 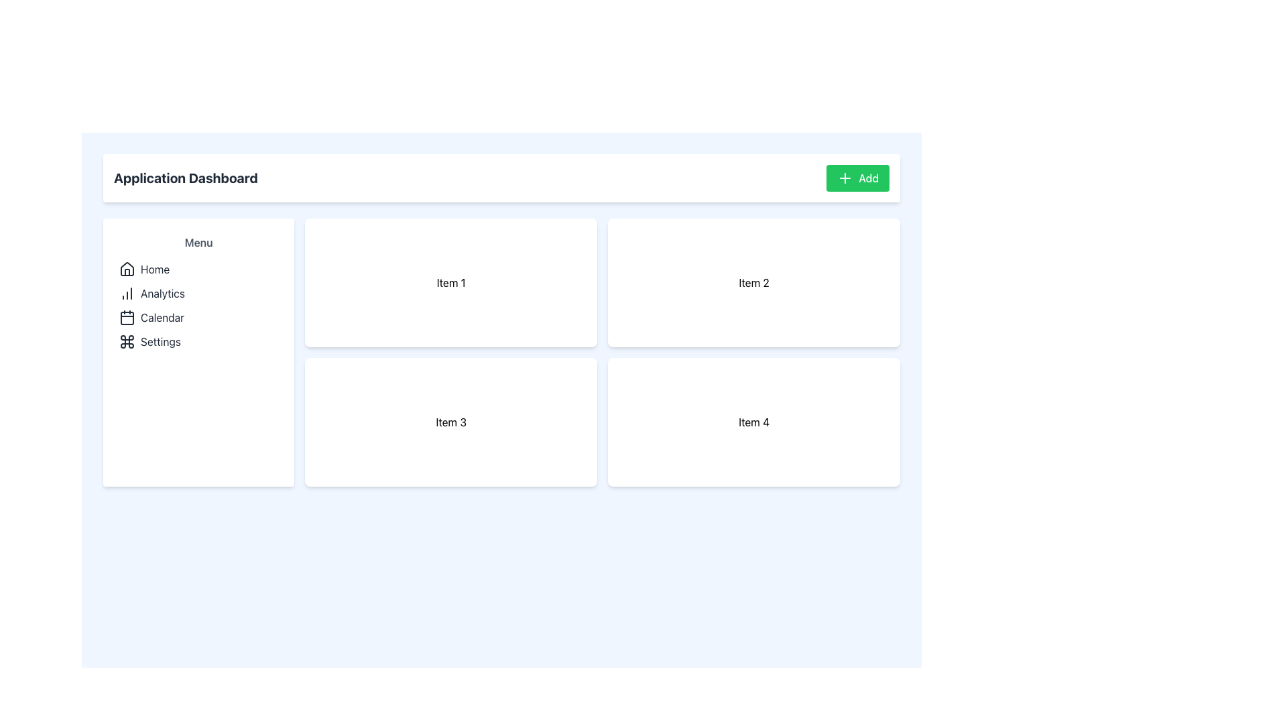 What do you see at coordinates (127, 341) in the screenshot?
I see `the icon depicting a command-like symbol with four circular loops, located in the left sidebar menu preceding the 'Settings' text` at bounding box center [127, 341].